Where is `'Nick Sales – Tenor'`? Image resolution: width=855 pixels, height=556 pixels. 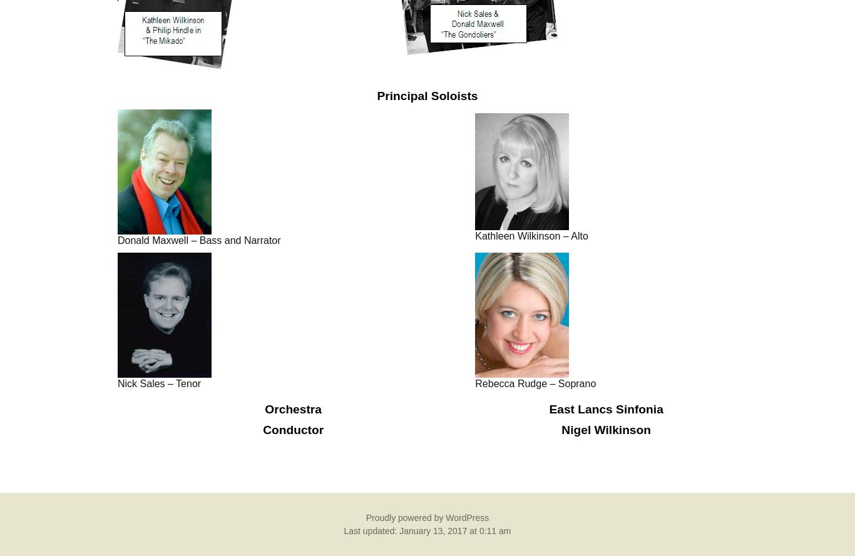 'Nick Sales – Tenor' is located at coordinates (159, 382).